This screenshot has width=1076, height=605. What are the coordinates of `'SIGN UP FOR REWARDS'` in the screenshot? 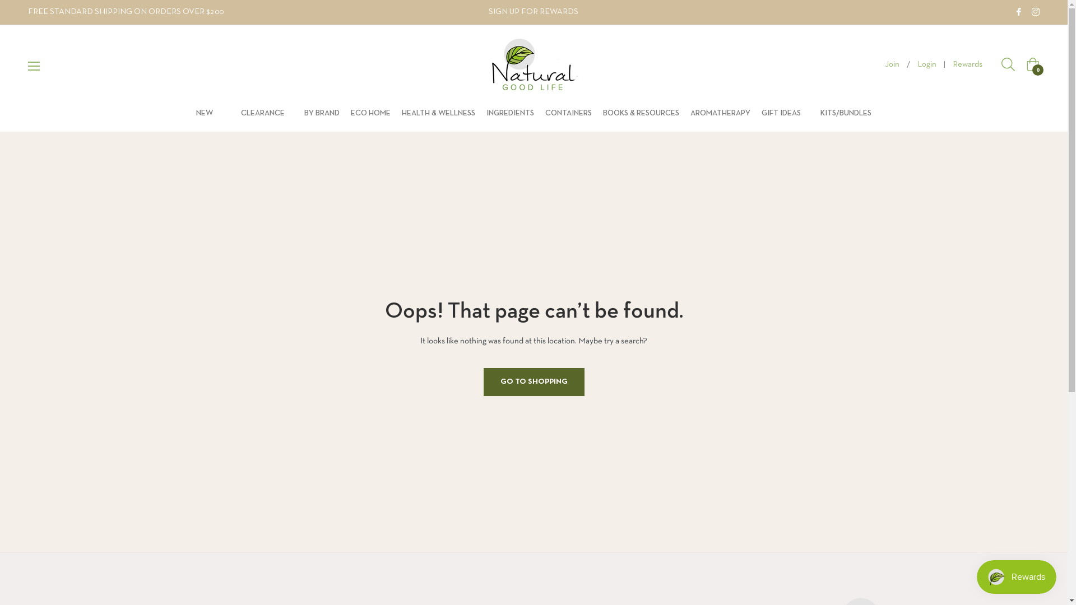 It's located at (532, 11).